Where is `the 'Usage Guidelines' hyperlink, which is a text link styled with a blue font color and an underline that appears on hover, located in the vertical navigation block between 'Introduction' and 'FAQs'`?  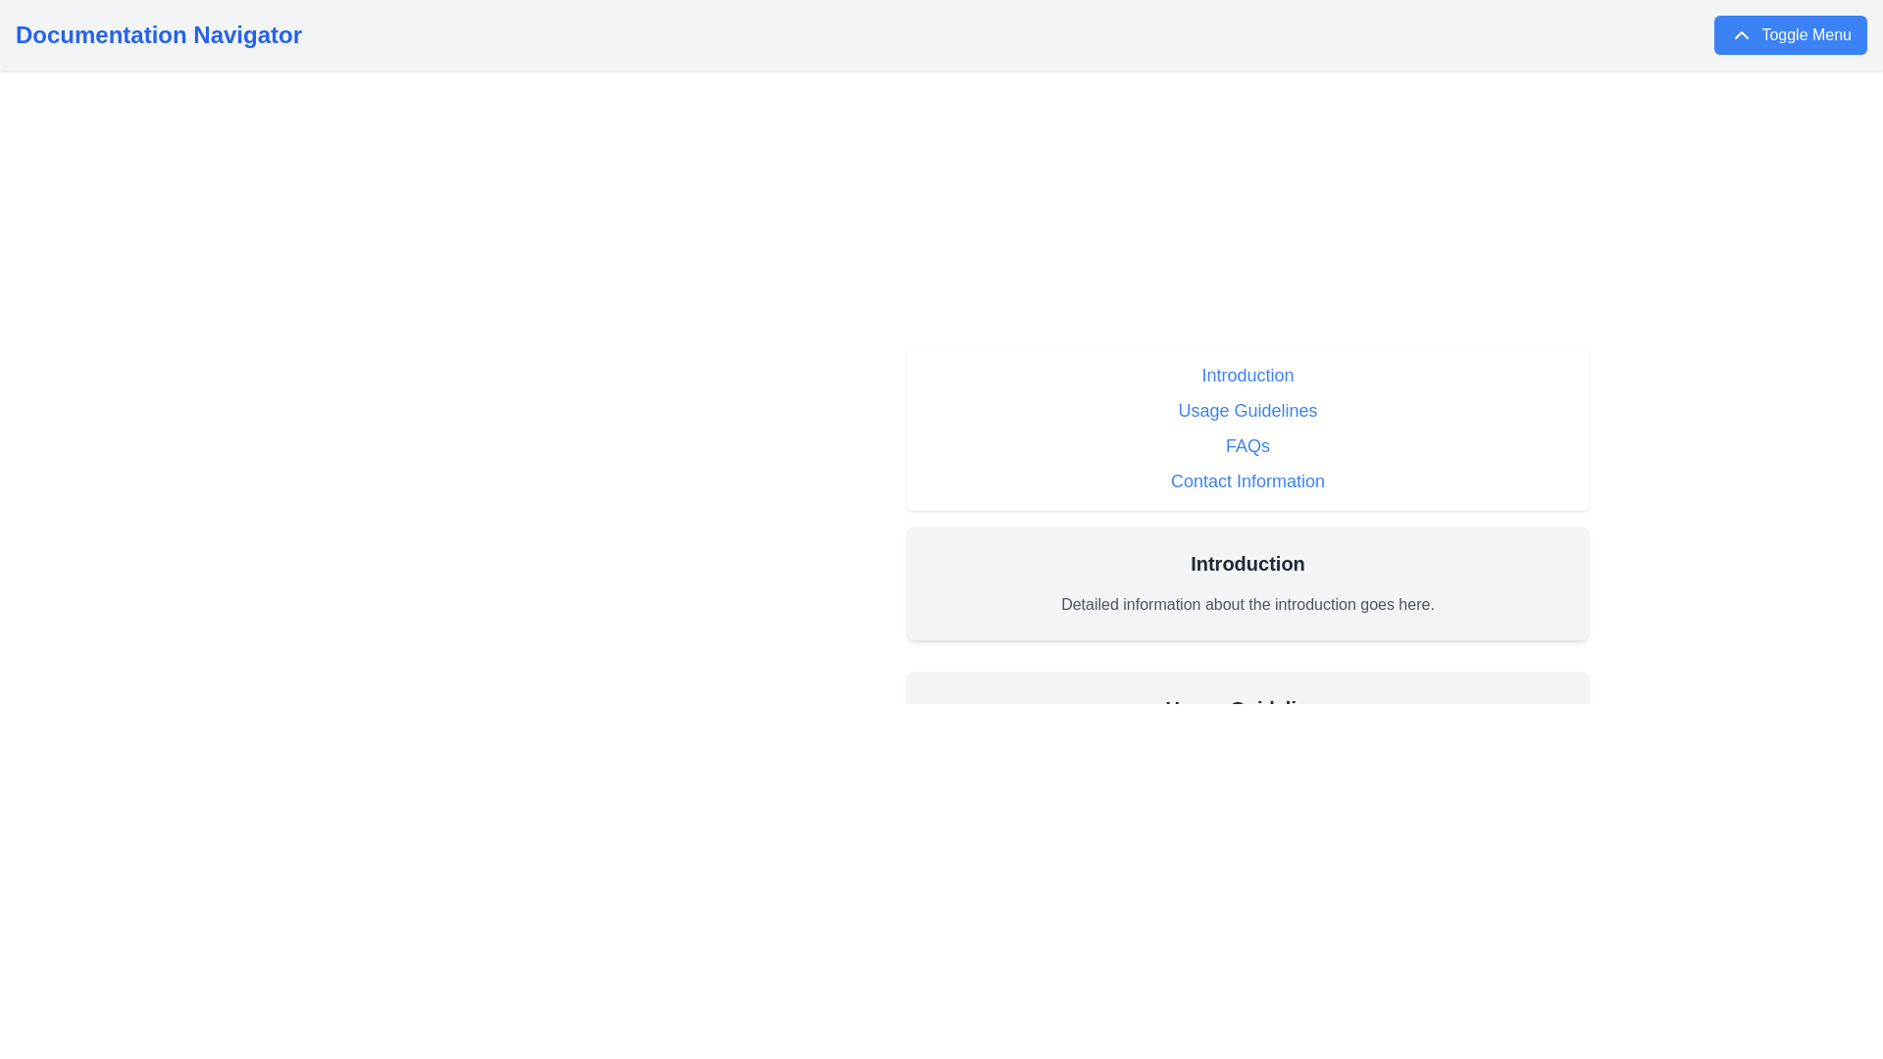 the 'Usage Guidelines' hyperlink, which is a text link styled with a blue font color and an underline that appears on hover, located in the vertical navigation block between 'Introduction' and 'FAQs' is located at coordinates (1247, 410).